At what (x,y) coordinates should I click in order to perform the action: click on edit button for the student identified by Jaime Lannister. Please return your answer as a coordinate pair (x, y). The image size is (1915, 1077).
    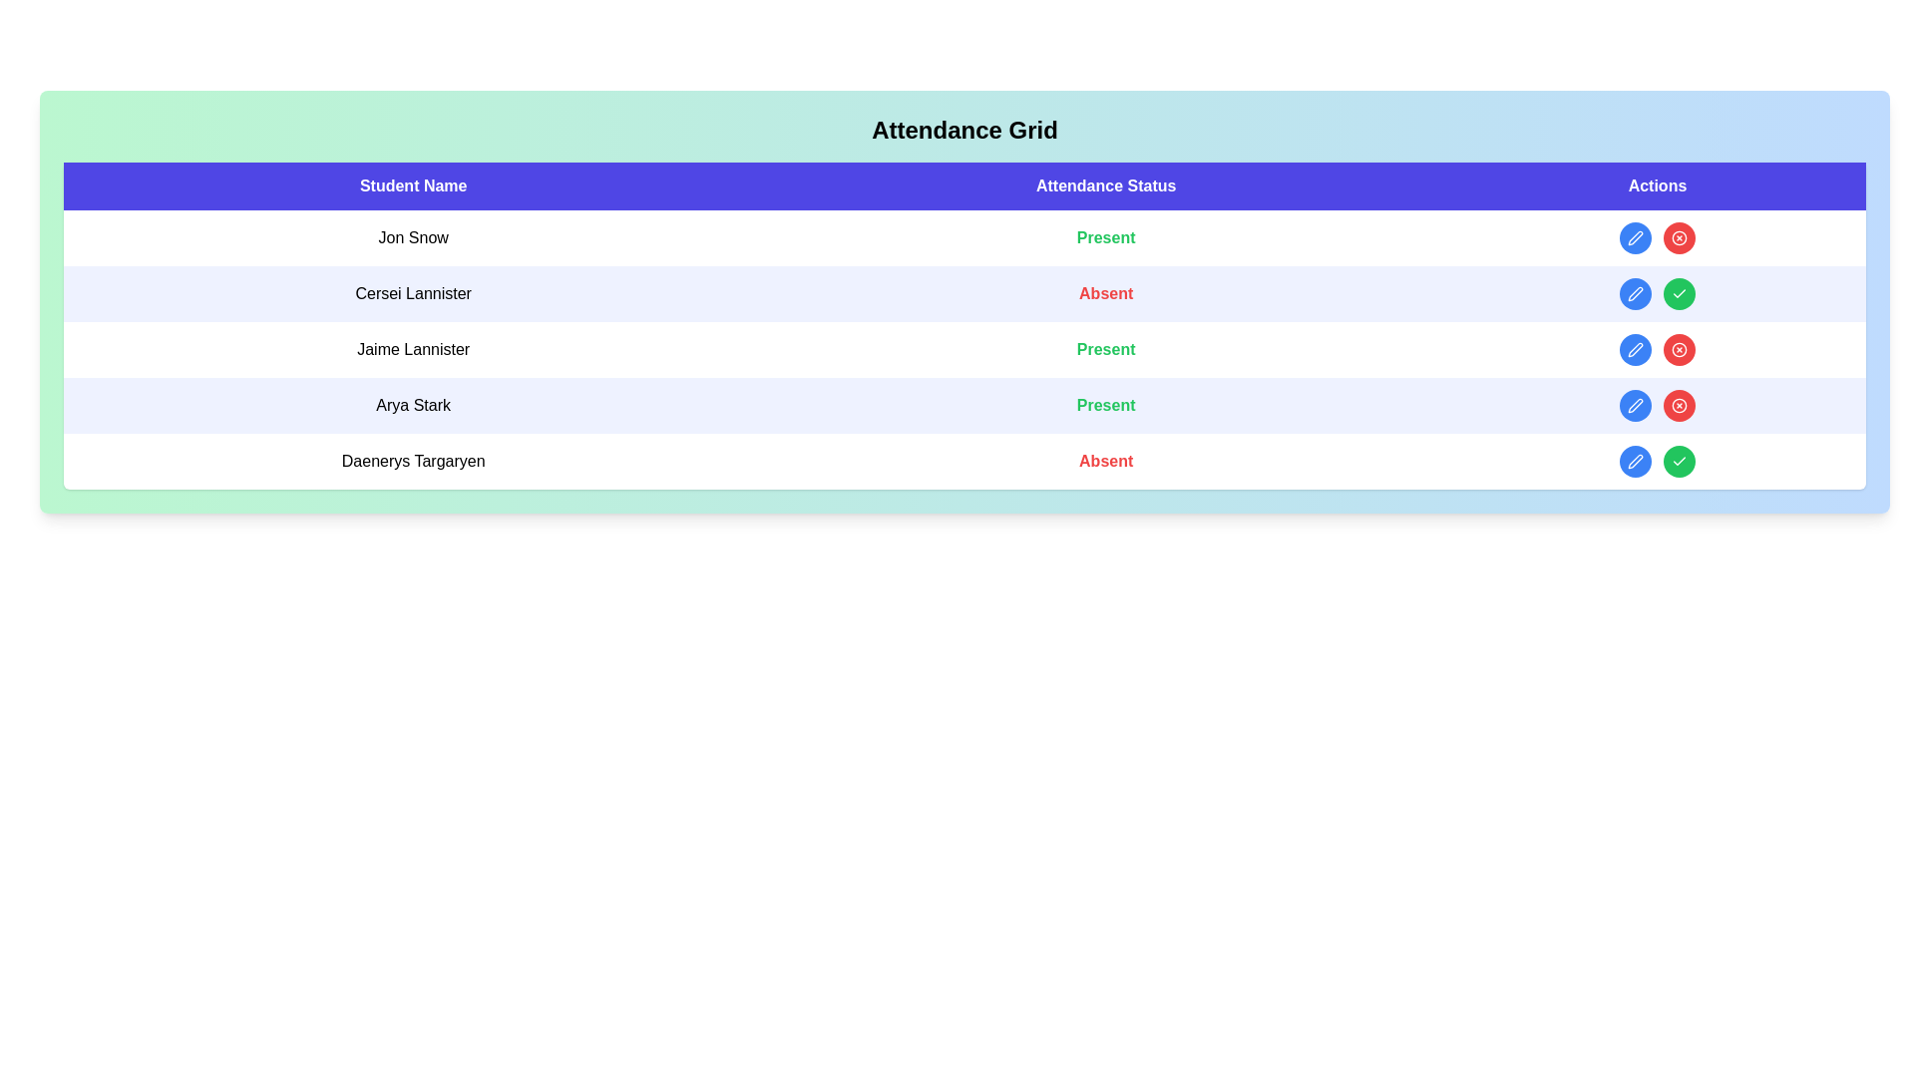
    Looking at the image, I should click on (1636, 349).